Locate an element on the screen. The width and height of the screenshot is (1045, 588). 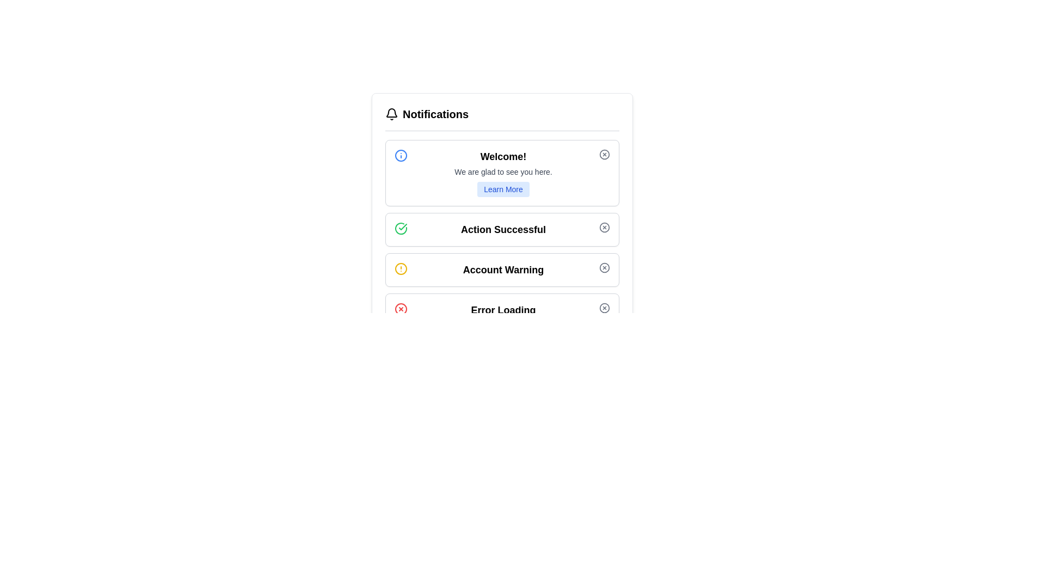
the static text displaying 'We are glad is located at coordinates (503, 171).